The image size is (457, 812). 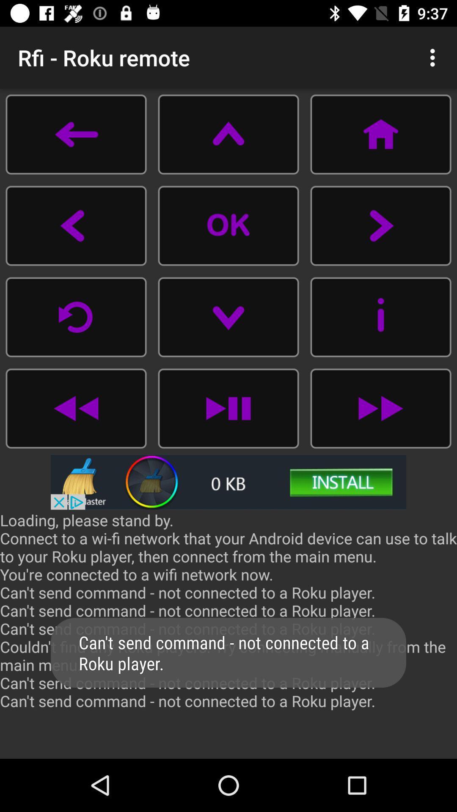 What do you see at coordinates (228, 225) in the screenshot?
I see `check to ok box` at bounding box center [228, 225].